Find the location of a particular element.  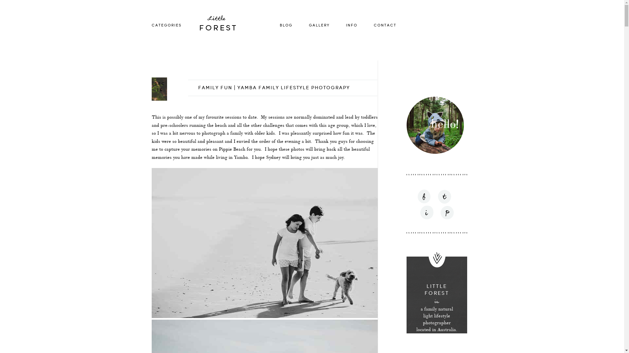

'BLOG' is located at coordinates (286, 25).